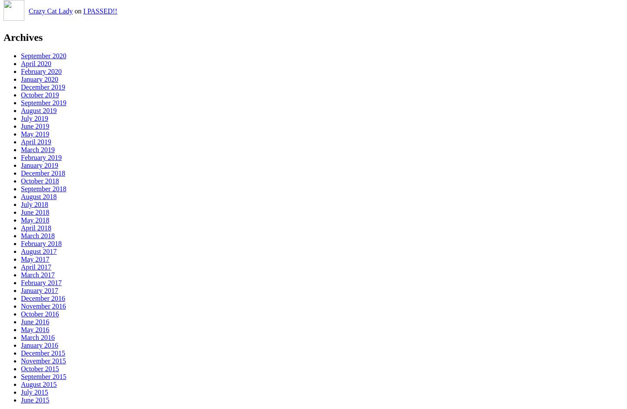 The image size is (627, 409). I want to click on 'August 2015', so click(38, 384).